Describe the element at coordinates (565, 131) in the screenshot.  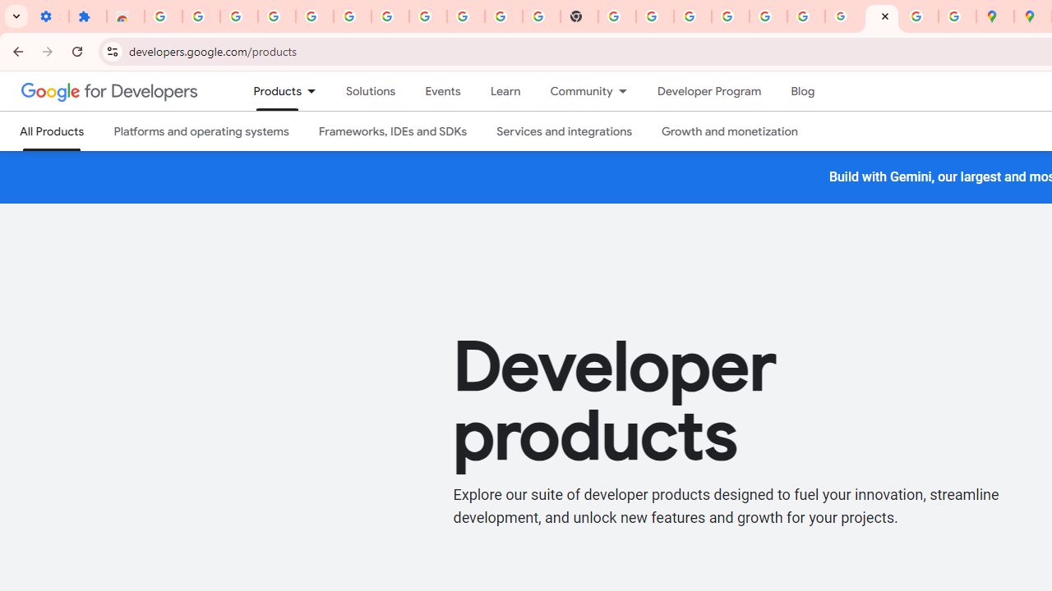
I see `'Services and integrations'` at that location.